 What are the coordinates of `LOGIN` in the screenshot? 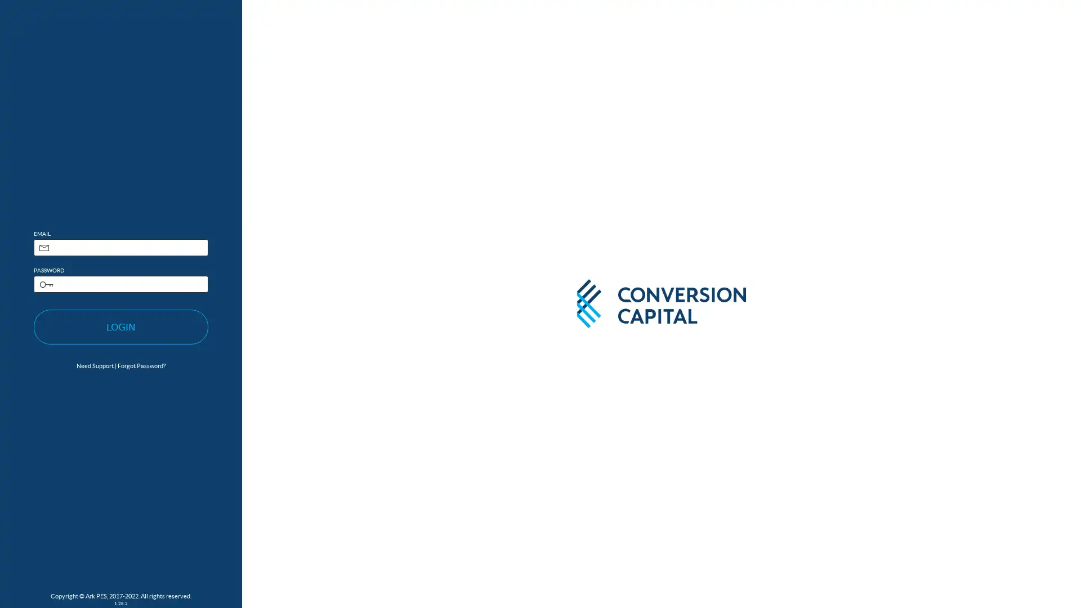 It's located at (121, 326).